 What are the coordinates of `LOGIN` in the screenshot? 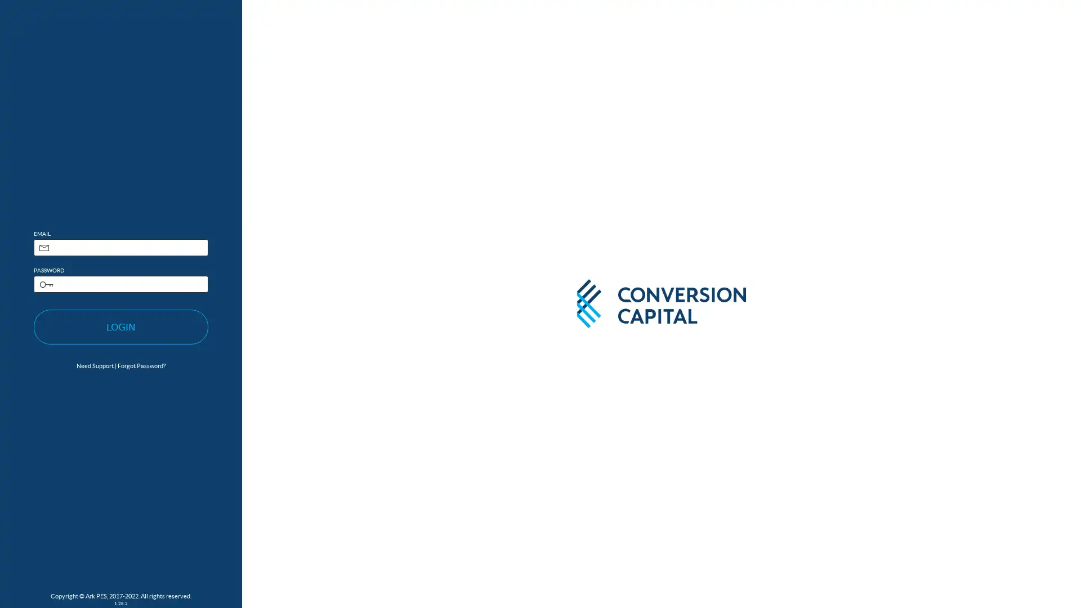 It's located at (121, 326).